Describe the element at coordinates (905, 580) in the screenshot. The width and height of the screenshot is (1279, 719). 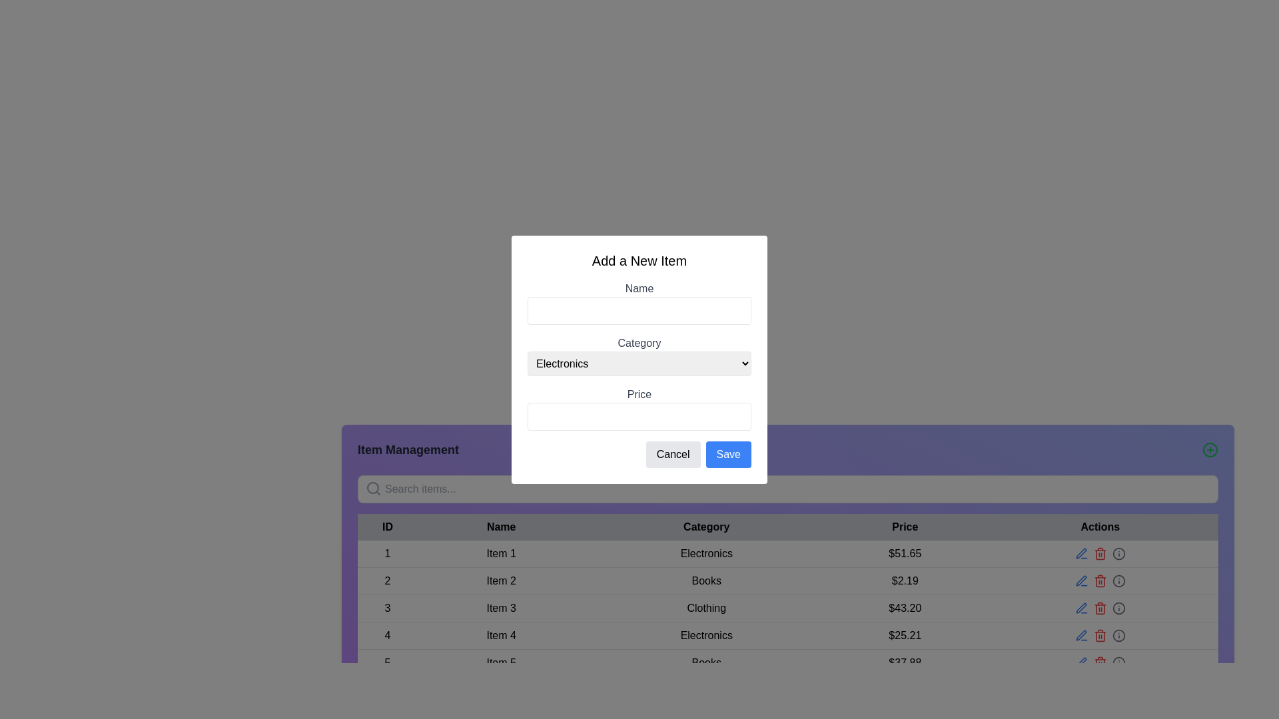
I see `the text label displaying the price '$2.19' in the table row labeled 'Item 2' under the 'Price' column` at that location.